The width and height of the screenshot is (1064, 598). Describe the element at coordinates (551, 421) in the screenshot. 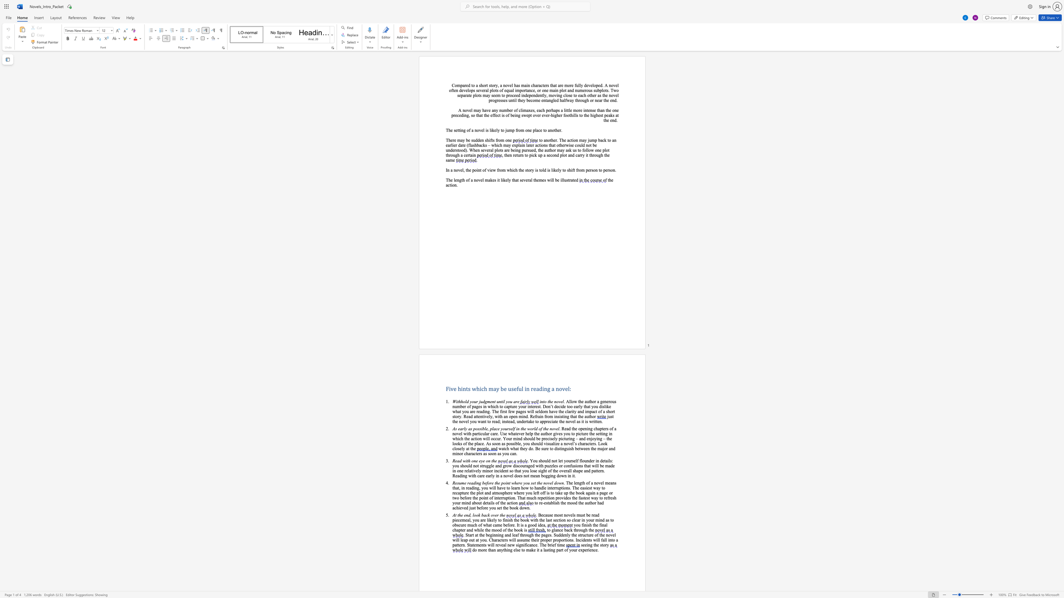

I see `the subset text "iate the nove" within the text "just the novel you want to read; instead, undertake to appreciate the novel as it is written."` at that location.